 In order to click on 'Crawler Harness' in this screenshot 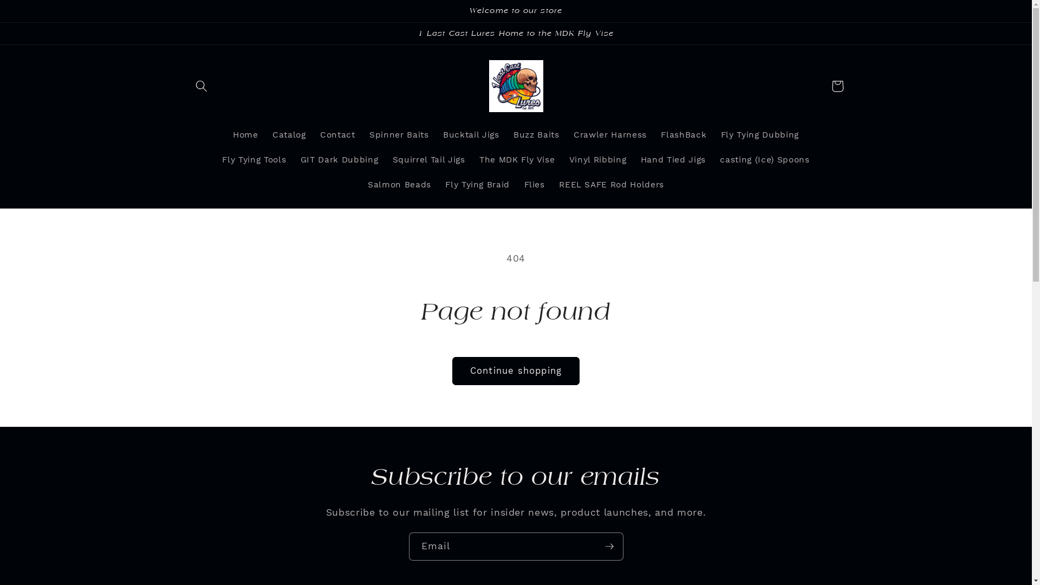, I will do `click(610, 135)`.